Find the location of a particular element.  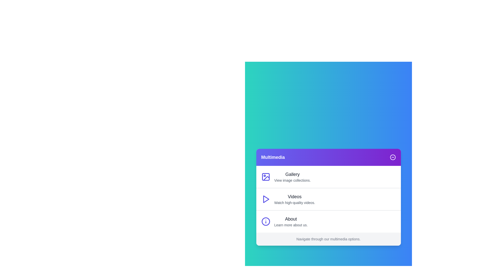

the menu item to read its description: Videos is located at coordinates (295, 196).